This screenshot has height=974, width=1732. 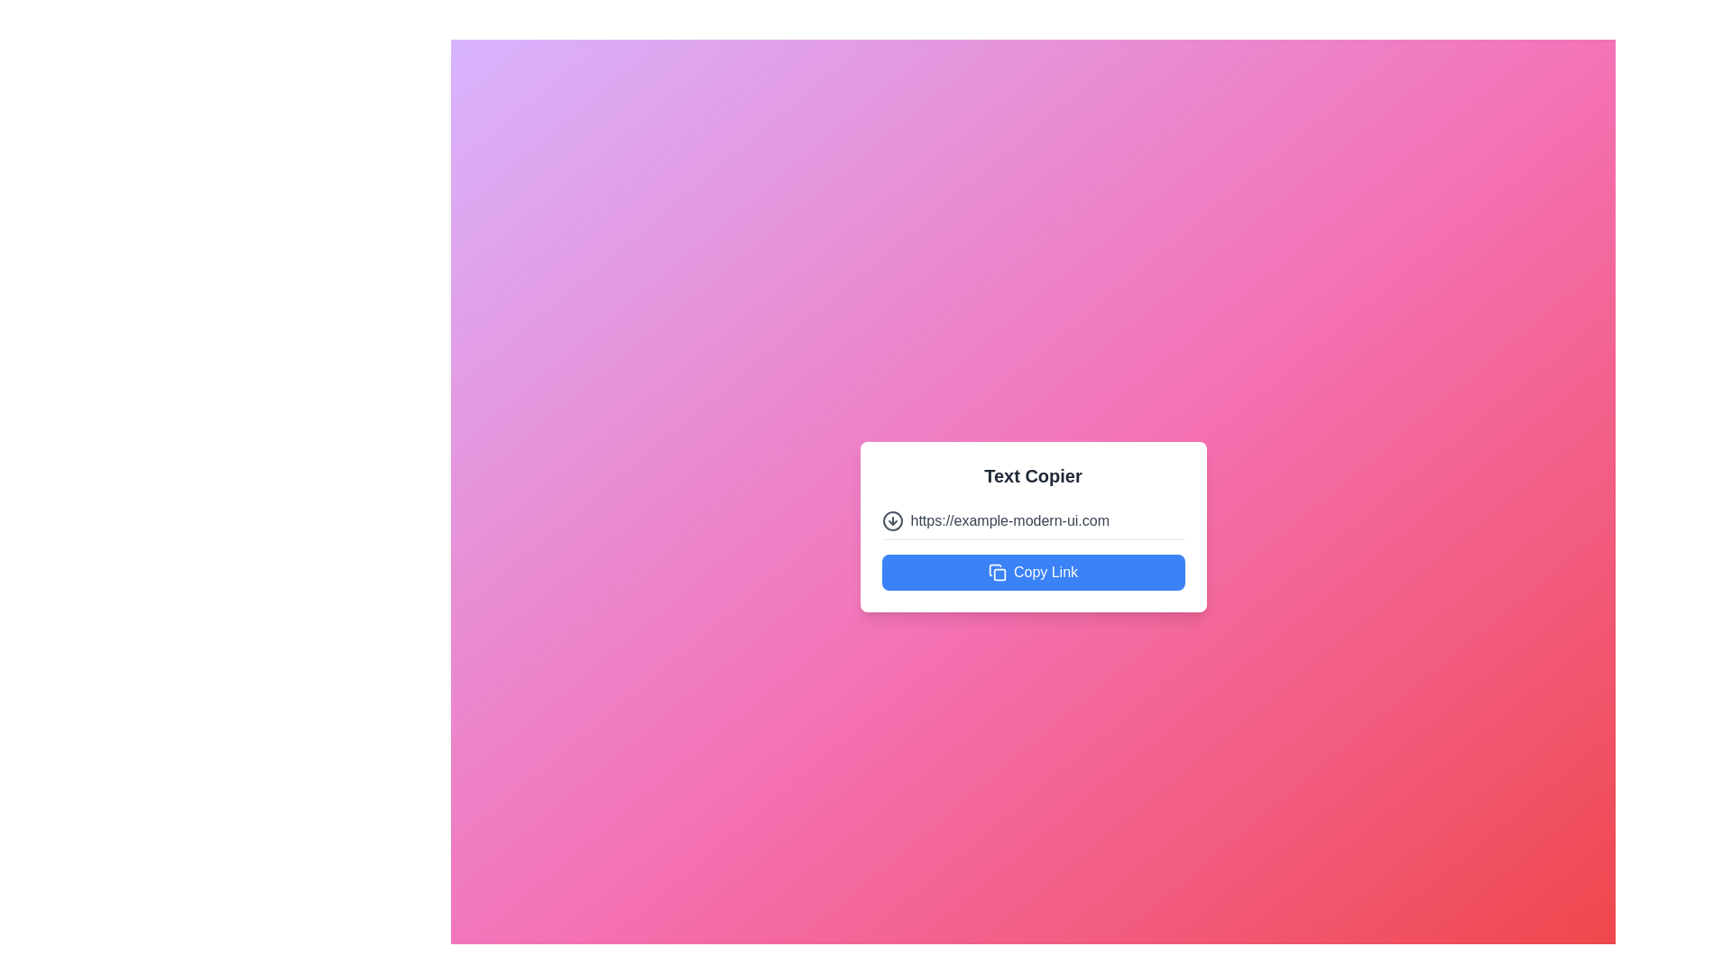 What do you see at coordinates (1047, 520) in the screenshot?
I see `the read-only text input field in the 'Text Copier' pop-up` at bounding box center [1047, 520].